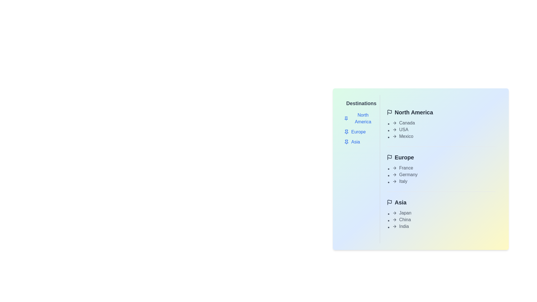 The width and height of the screenshot is (537, 302). I want to click on the arrow icon located to the left of the 'China' text label, so click(394, 220).